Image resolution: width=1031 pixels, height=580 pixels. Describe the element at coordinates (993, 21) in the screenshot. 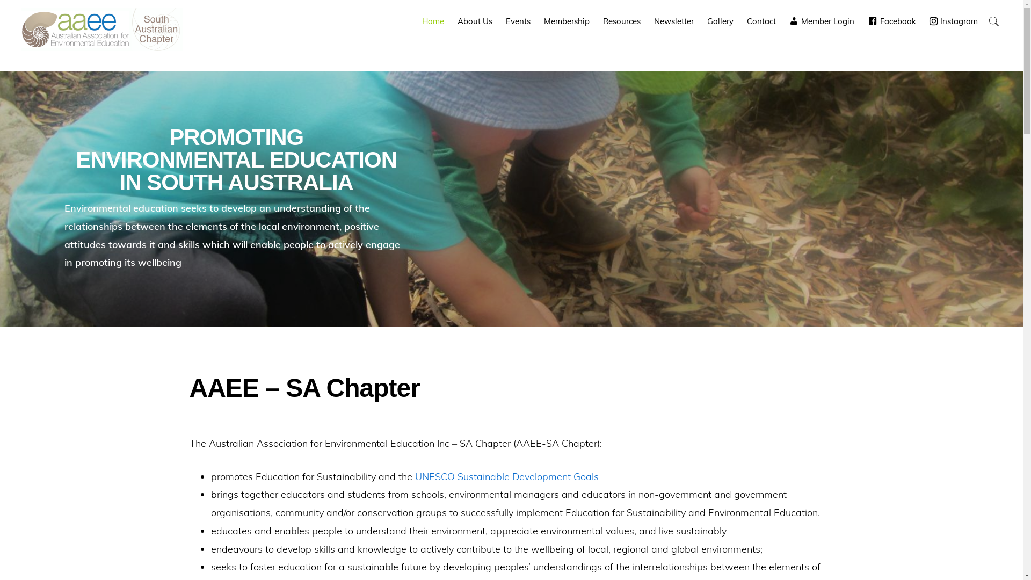

I see `'Show Search'` at that location.